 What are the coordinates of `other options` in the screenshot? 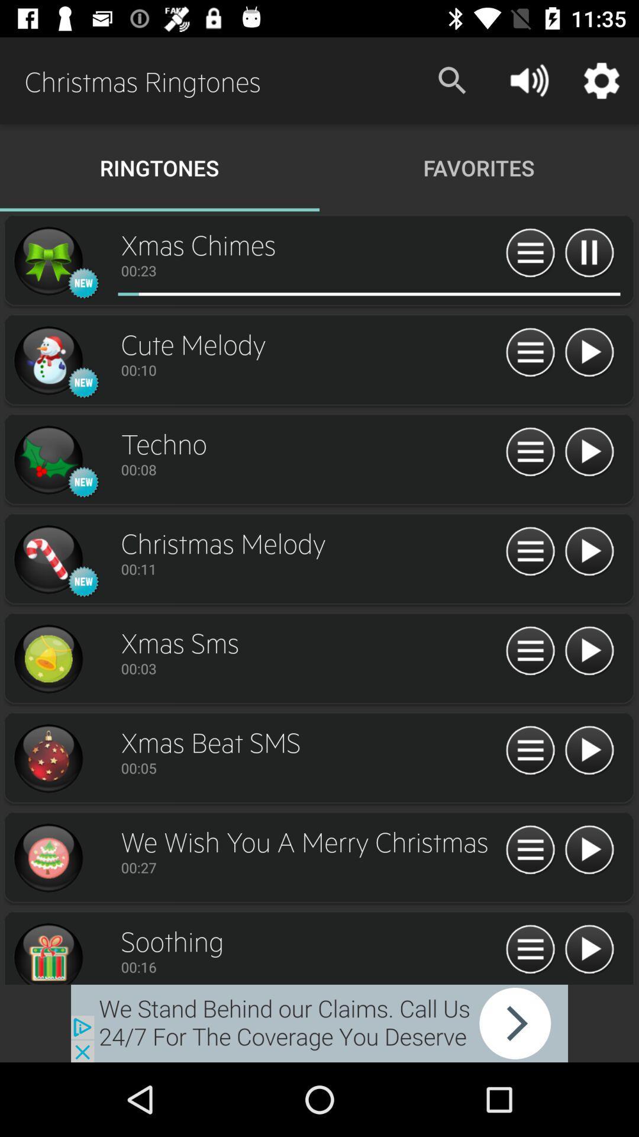 It's located at (530, 750).